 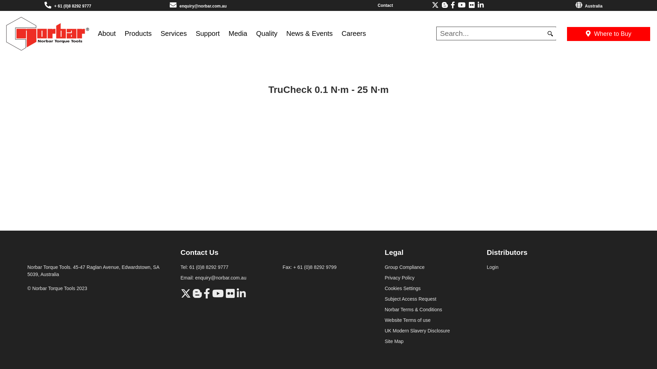 What do you see at coordinates (251, 33) in the screenshot?
I see `'Quality'` at bounding box center [251, 33].